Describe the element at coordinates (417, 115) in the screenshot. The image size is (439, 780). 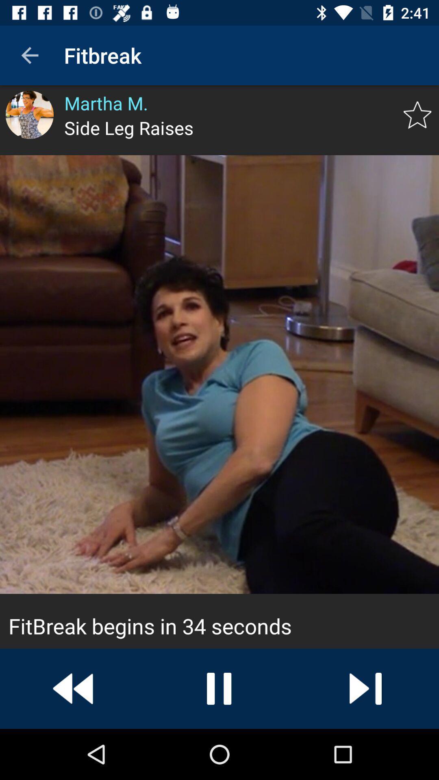
I see `the icon at the top right corner` at that location.